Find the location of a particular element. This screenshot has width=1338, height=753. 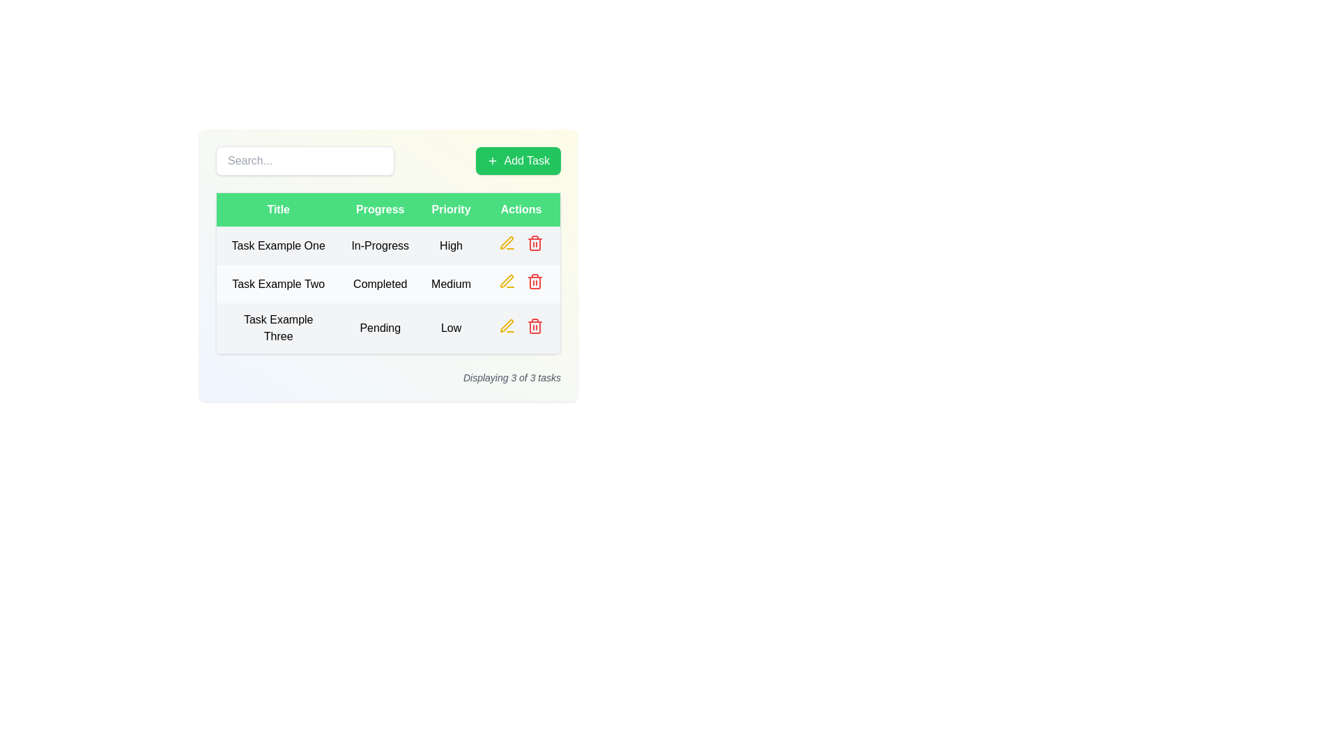

the text label element displaying 'In-Progress', located in the second column of the first row of the table under the 'Progress' column is located at coordinates (380, 245).